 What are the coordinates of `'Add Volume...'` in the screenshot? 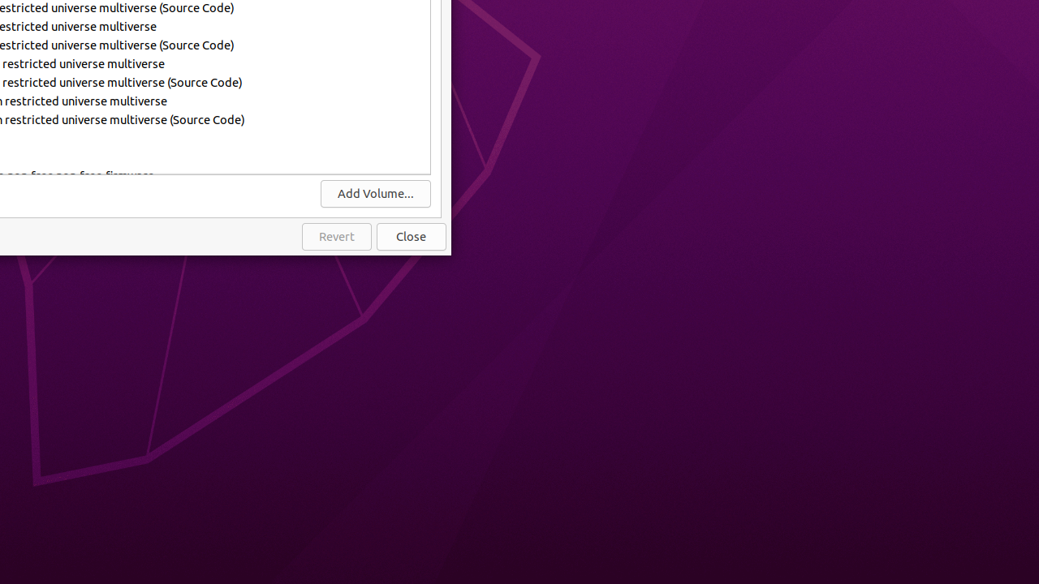 It's located at (374, 192).